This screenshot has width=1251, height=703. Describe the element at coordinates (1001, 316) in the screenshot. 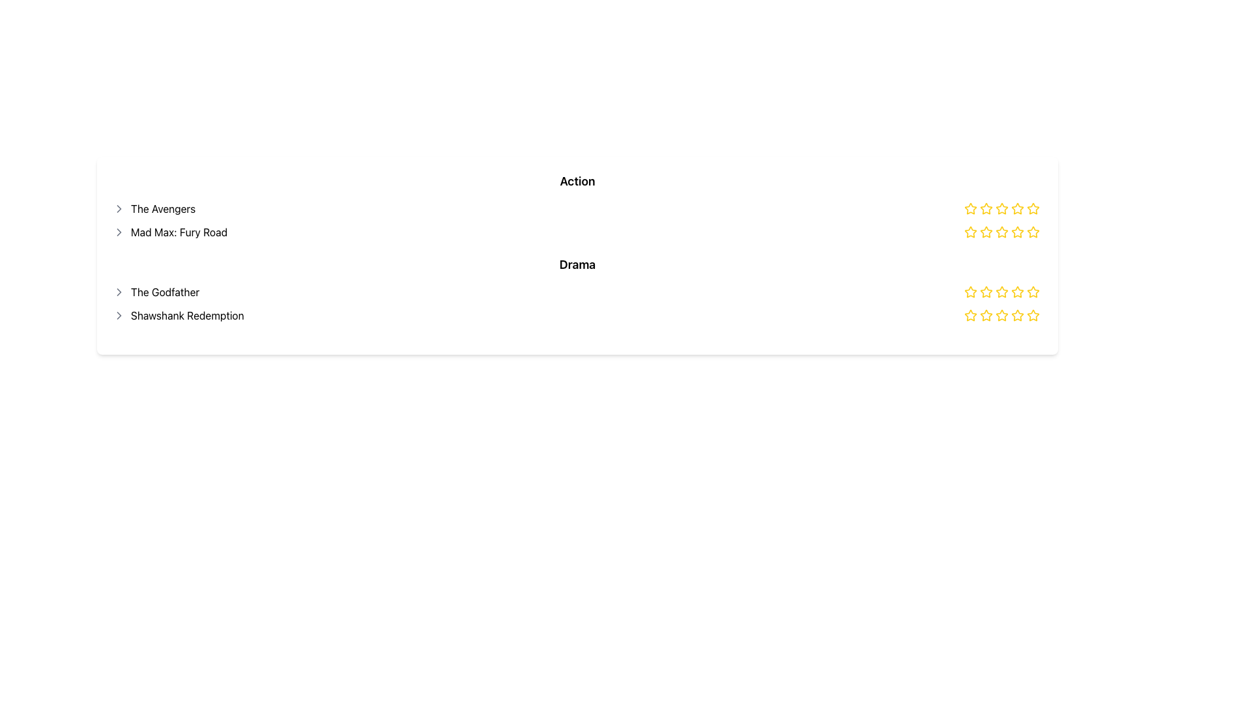

I see `the fourth star icon in the star rating system` at that location.